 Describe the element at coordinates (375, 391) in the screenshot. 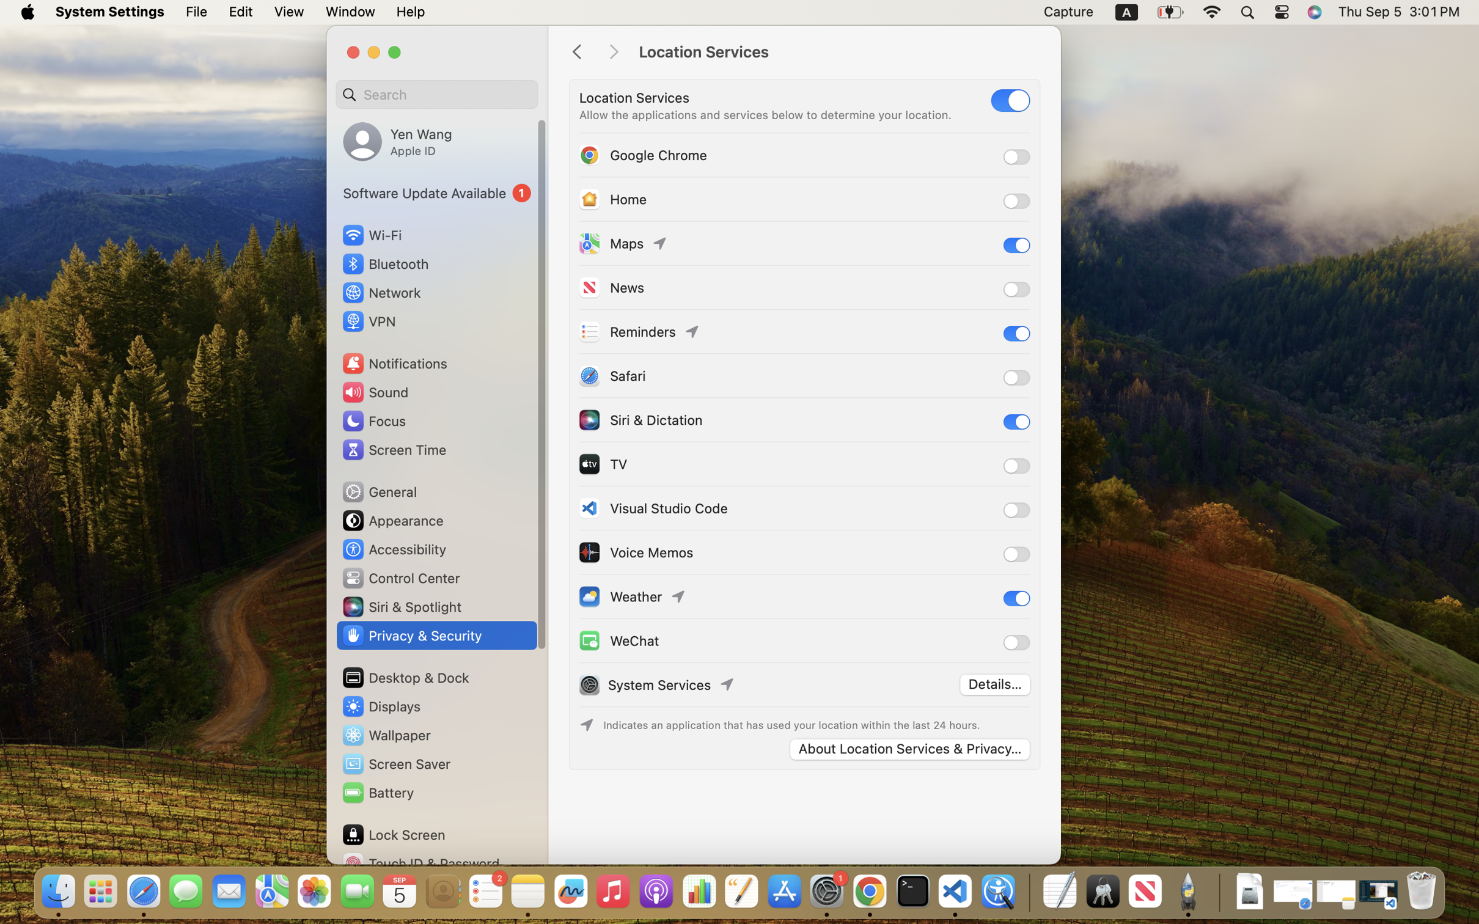

I see `'Sound'` at that location.